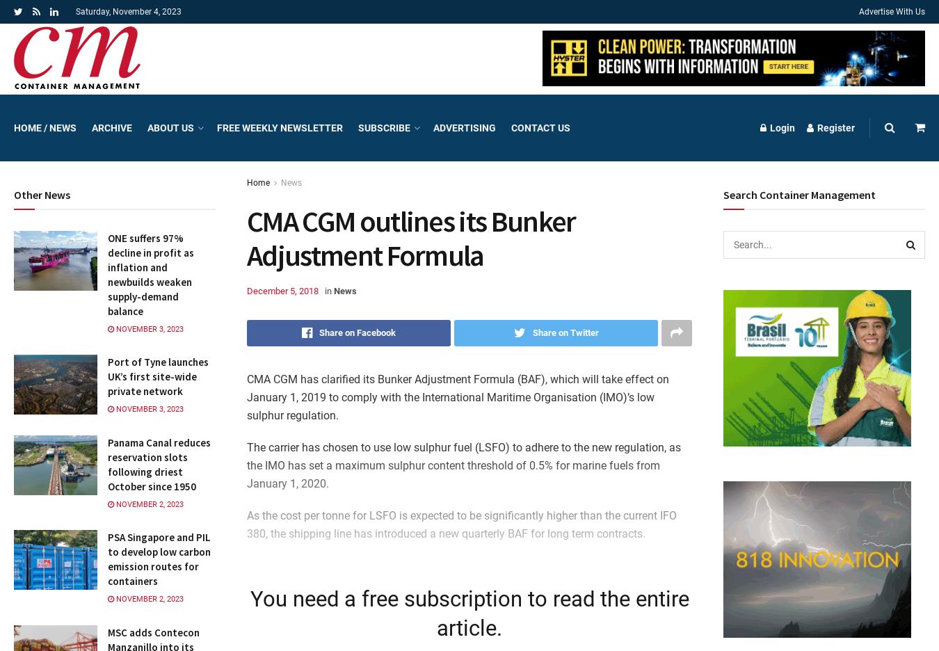 Image resolution: width=939 pixels, height=651 pixels. Describe the element at coordinates (247, 289) in the screenshot. I see `'December 5, 2018'` at that location.